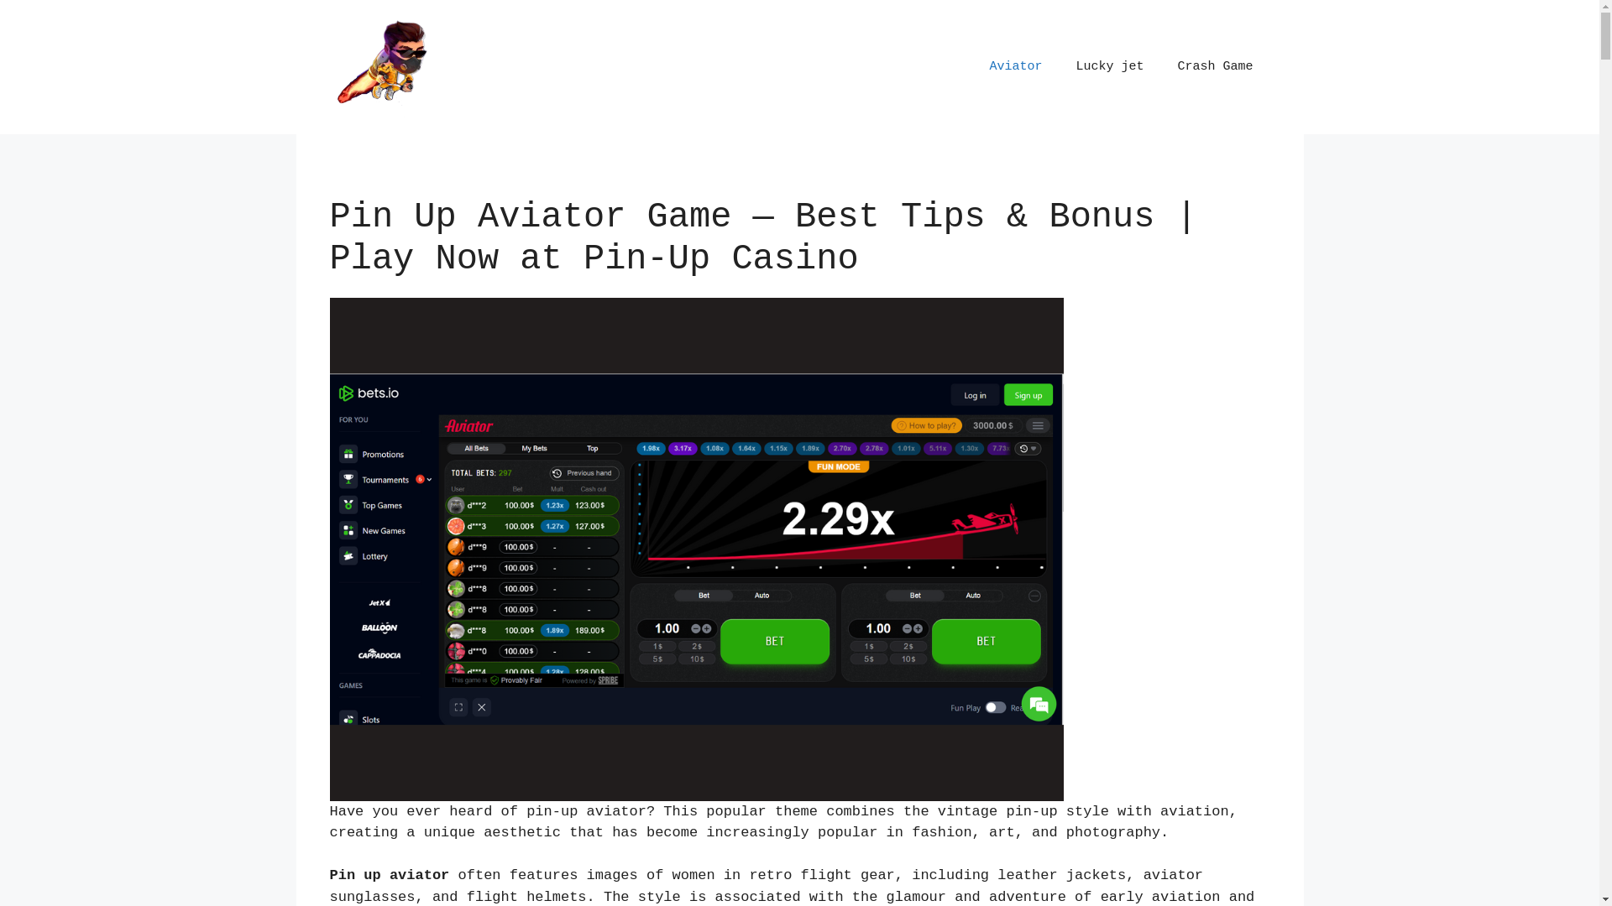 The image size is (1612, 906). Describe the element at coordinates (1159, 66) in the screenshot. I see `'Crash Game'` at that location.